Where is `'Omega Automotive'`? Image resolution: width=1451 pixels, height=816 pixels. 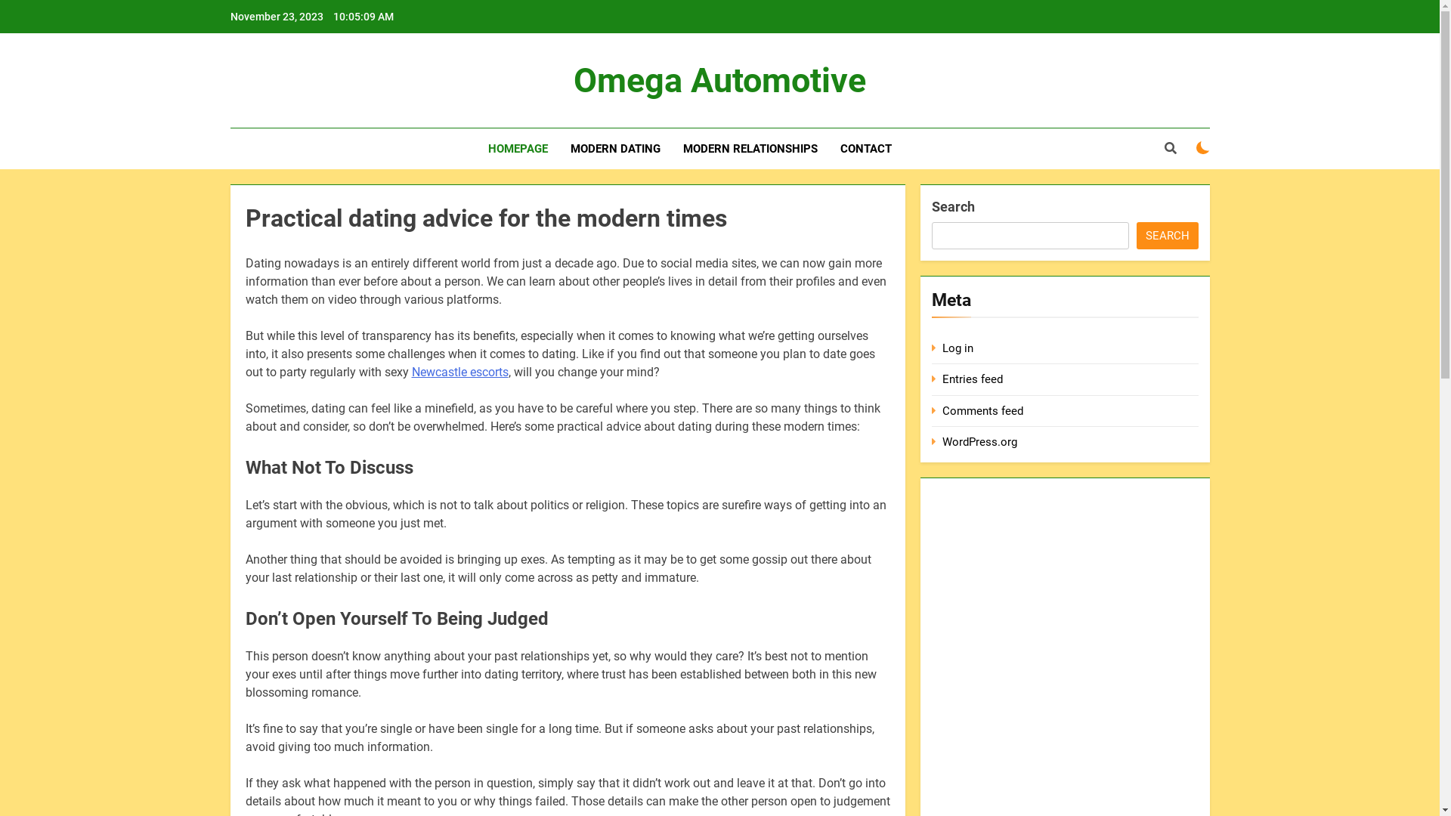 'Omega Automotive' is located at coordinates (719, 80).